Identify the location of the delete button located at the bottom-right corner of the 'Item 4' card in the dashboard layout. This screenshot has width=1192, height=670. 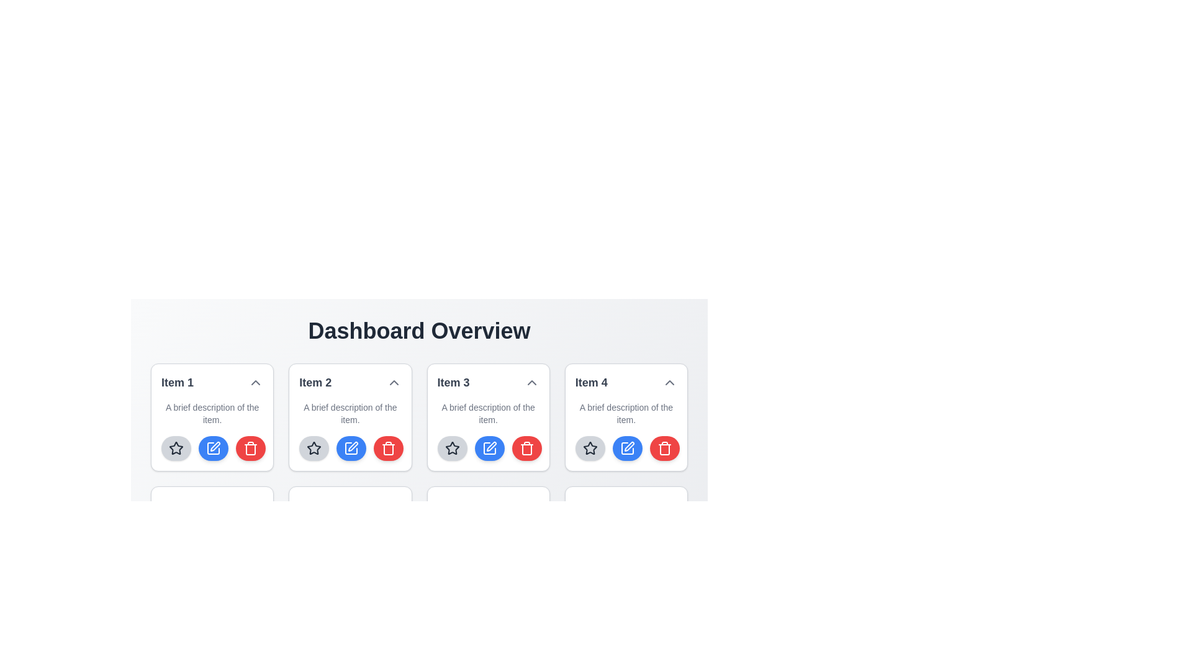
(664, 448).